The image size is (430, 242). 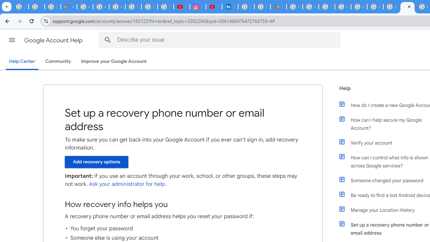 What do you see at coordinates (246, 7) in the screenshot?
I see `'Sign in - Google Accounts'` at bounding box center [246, 7].